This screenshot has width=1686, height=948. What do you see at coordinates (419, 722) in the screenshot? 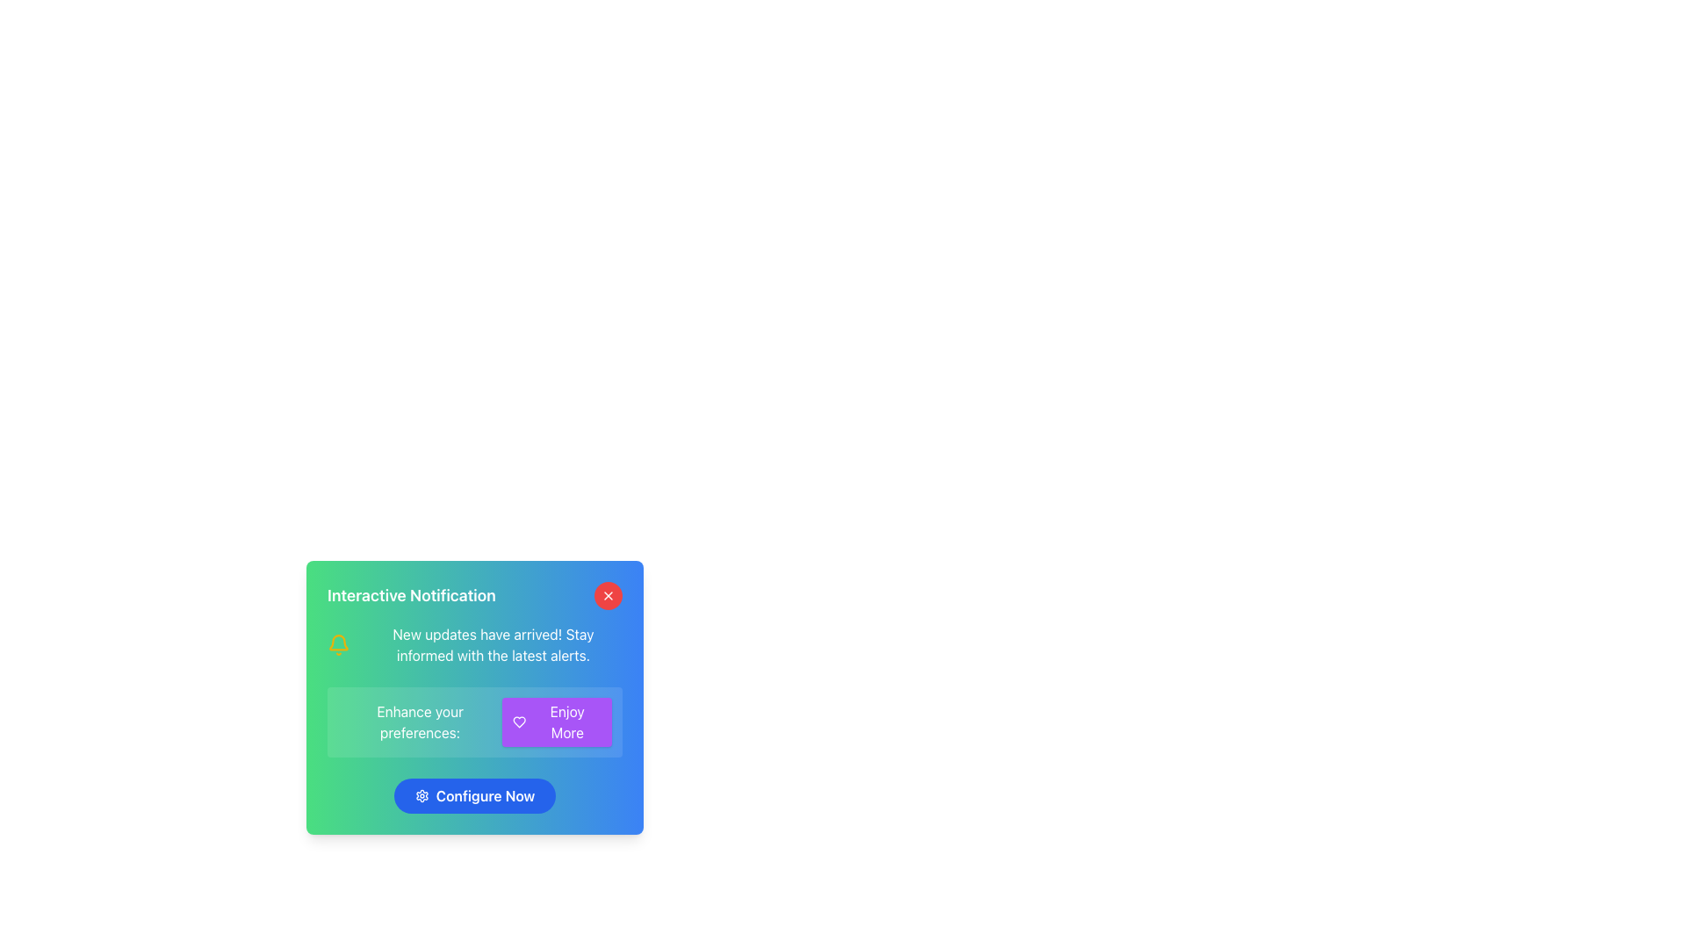
I see `text label displaying 'Enhance your preferences:' which is styled in white font against a gradient background, located in the preferences section of the interface` at bounding box center [419, 722].